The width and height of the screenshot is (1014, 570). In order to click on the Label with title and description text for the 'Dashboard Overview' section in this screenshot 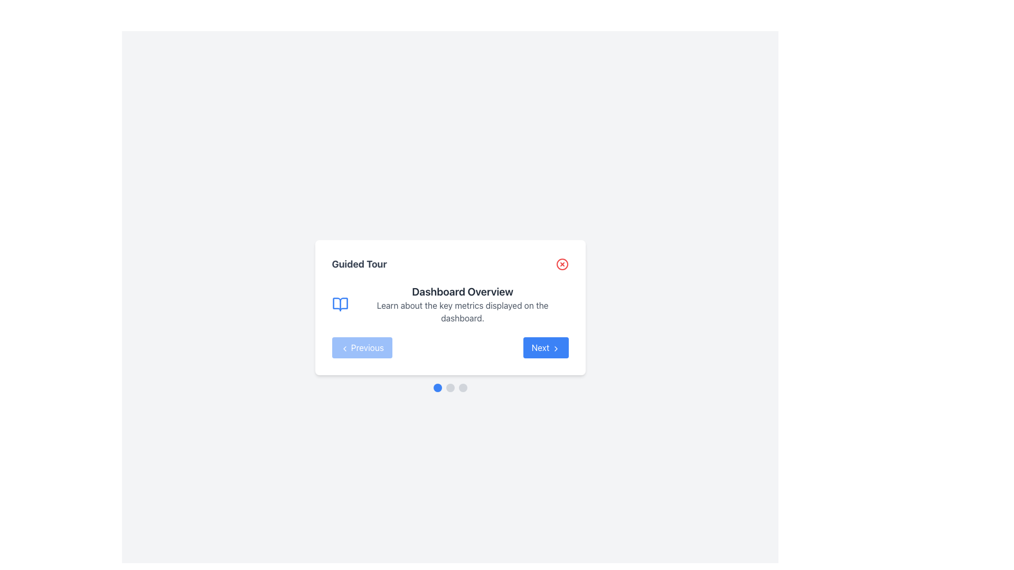, I will do `click(463, 305)`.